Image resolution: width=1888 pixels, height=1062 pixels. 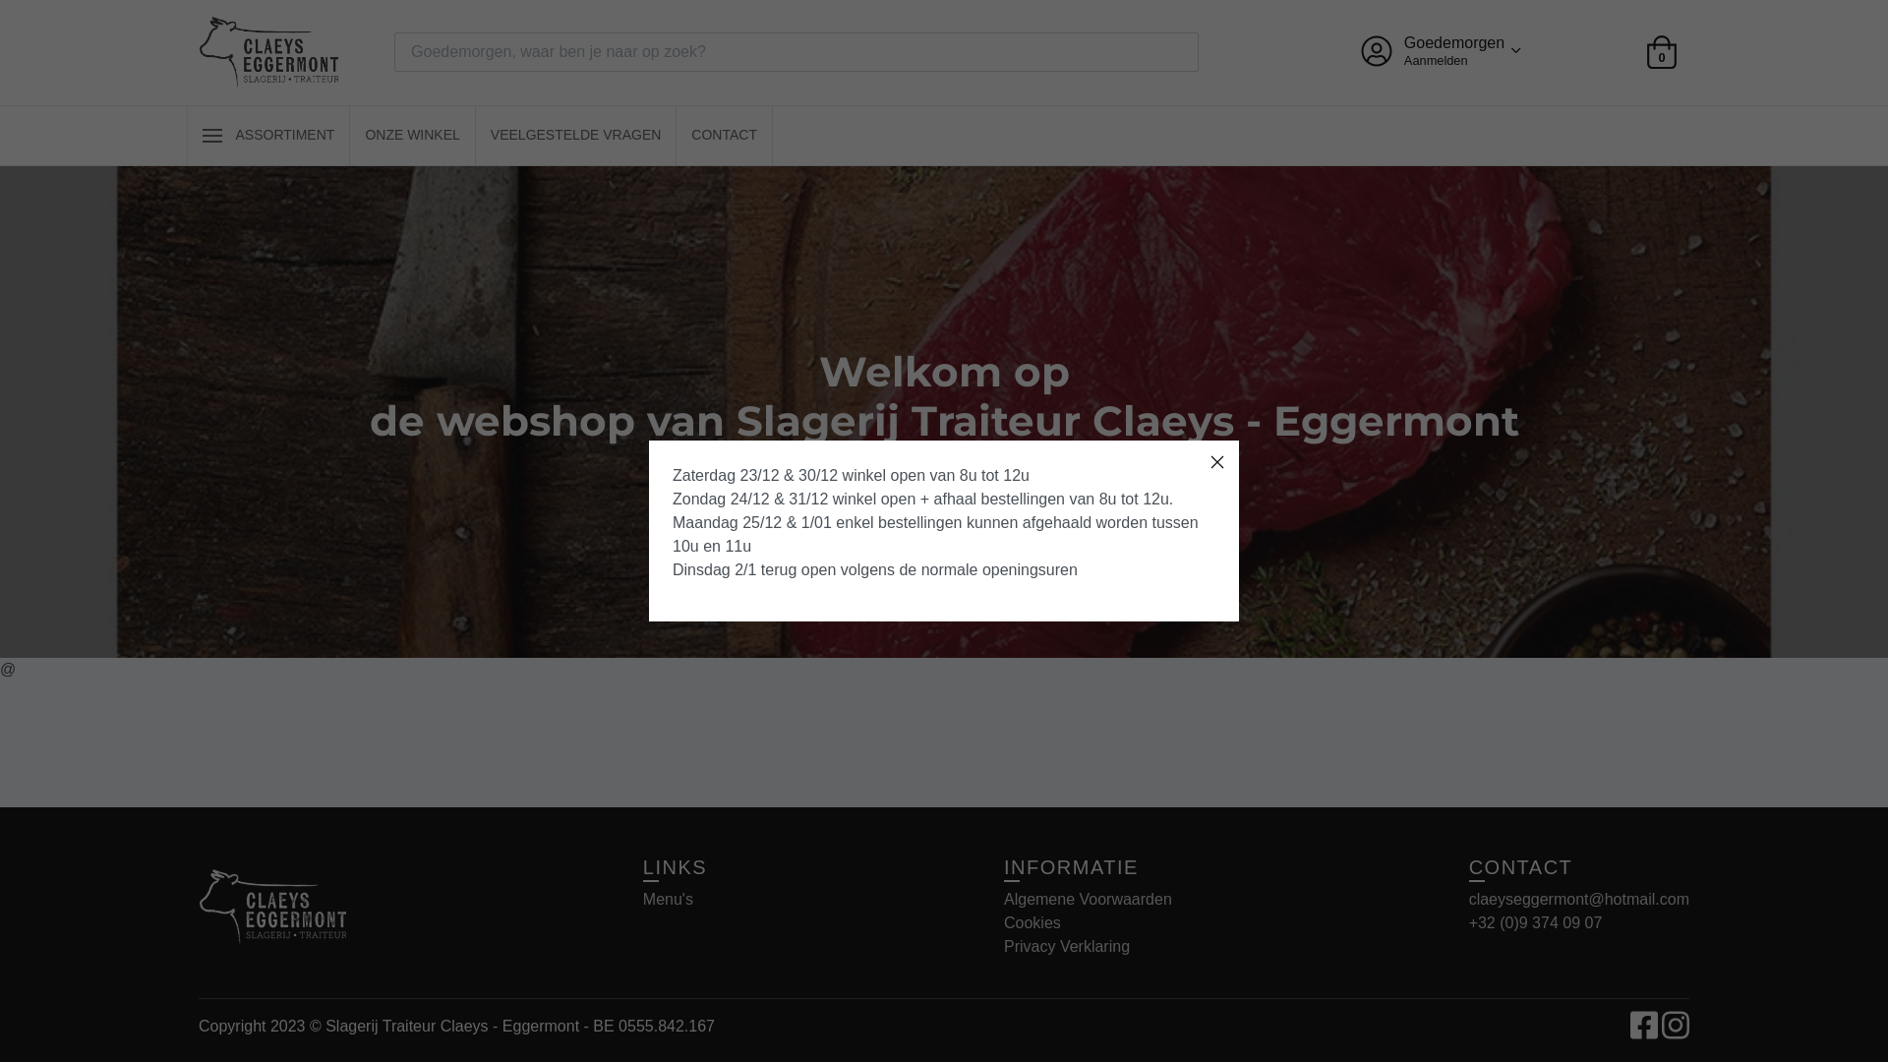 What do you see at coordinates (1579, 899) in the screenshot?
I see `'claeyseggermont@hotmail.com'` at bounding box center [1579, 899].